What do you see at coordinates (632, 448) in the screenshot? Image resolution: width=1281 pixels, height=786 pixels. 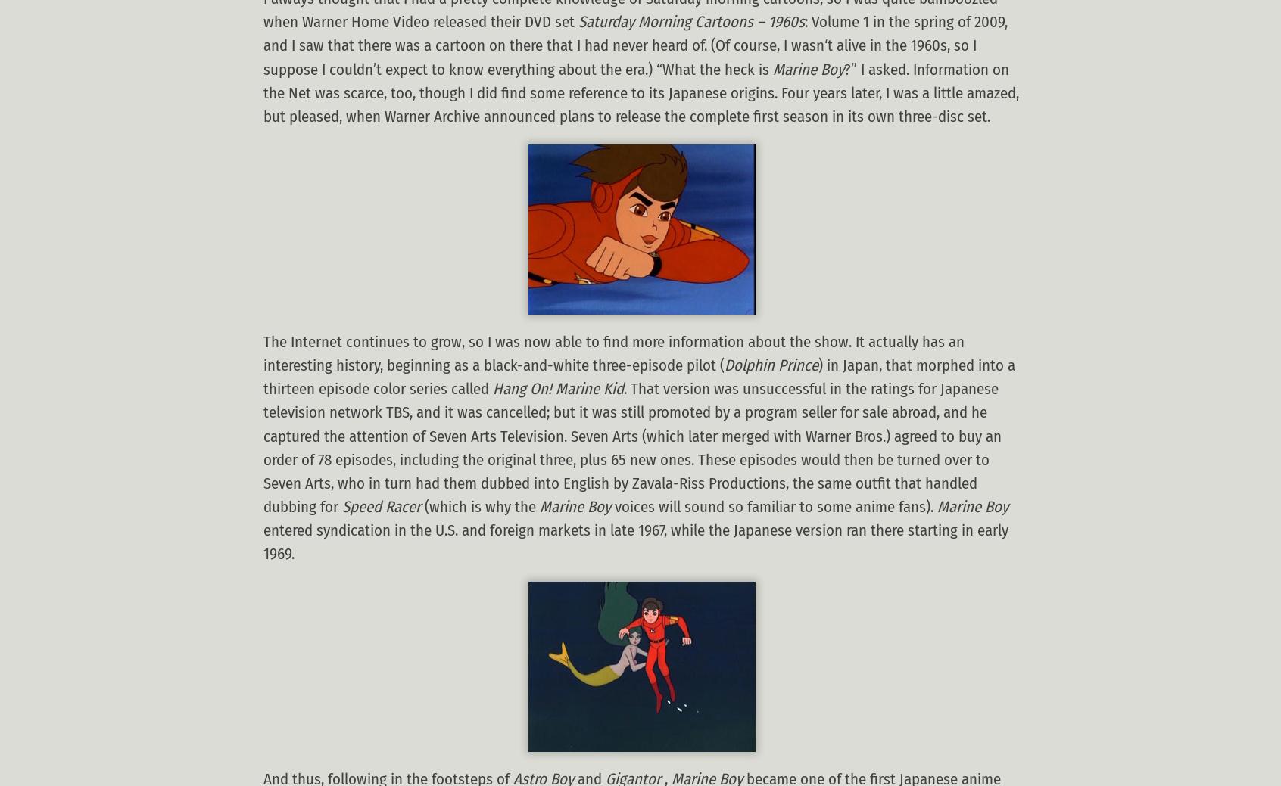 I see `'. That version was unsuccessful in the ratings for Japanese television network TBS, and it was cancelled; but it was still promoted by a program seller for sale abroad, and he captured the attention of Seven Arts Television. Seven Arts (which later merged with Warner Bros.) agreed to buy an order of 78 episodes, including the original three, plus 65 new ones. These episodes would then be turned over to Seven Arts, who in turn had them dubbed into English by Zavala-Riss Productions, the same outfit that handled dubbing for'` at bounding box center [632, 448].